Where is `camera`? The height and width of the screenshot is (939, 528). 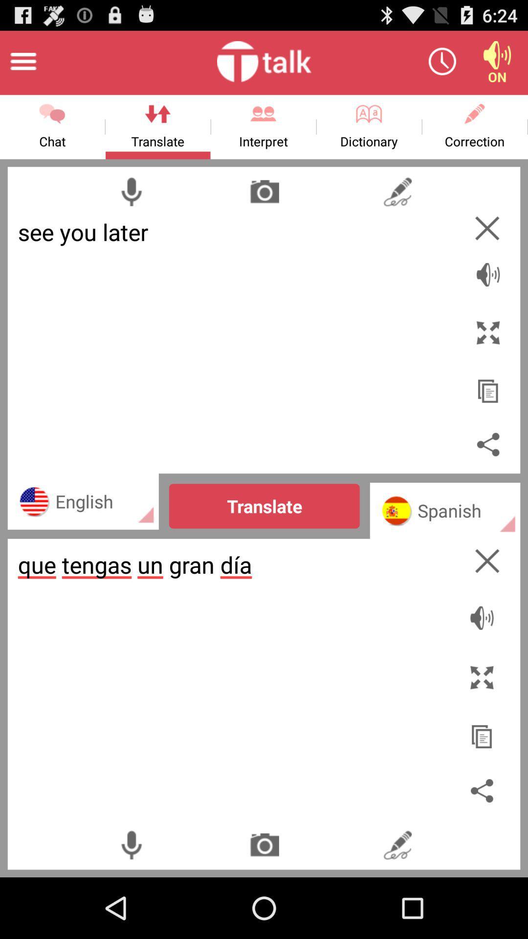 camera is located at coordinates (264, 844).